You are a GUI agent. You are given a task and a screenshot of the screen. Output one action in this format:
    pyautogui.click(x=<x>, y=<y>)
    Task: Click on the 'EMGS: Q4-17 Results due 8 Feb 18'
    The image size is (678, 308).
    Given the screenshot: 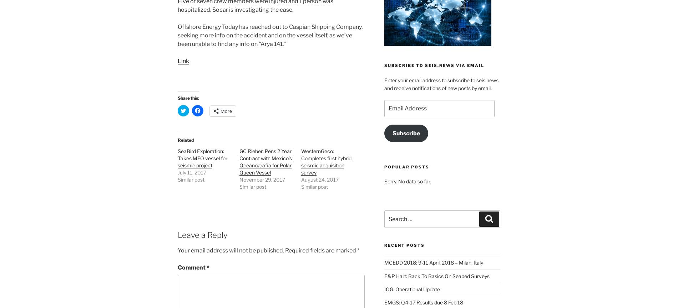 What is the action you would take?
    pyautogui.click(x=423, y=302)
    